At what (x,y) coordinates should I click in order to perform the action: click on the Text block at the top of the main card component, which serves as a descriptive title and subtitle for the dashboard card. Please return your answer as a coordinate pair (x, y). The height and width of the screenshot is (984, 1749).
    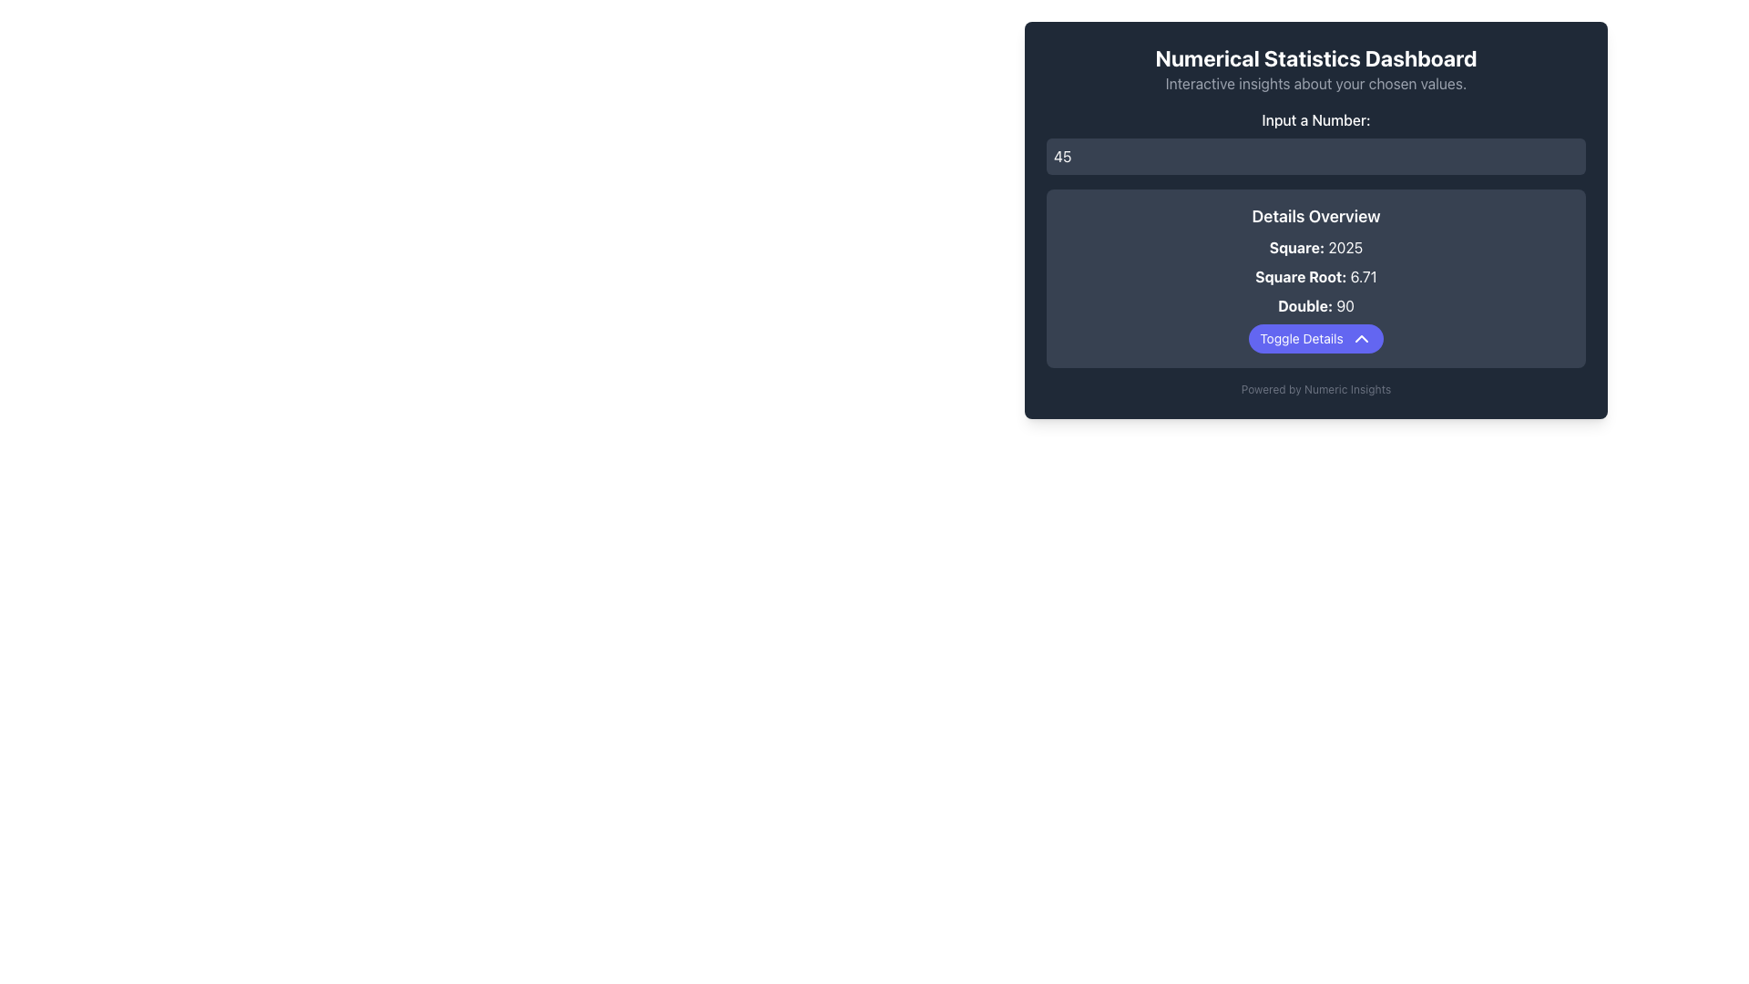
    Looking at the image, I should click on (1315, 68).